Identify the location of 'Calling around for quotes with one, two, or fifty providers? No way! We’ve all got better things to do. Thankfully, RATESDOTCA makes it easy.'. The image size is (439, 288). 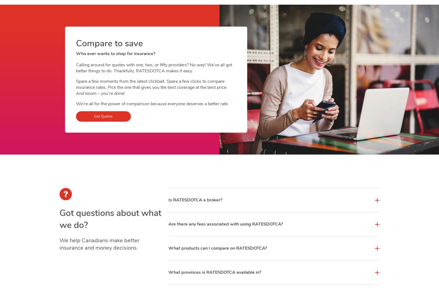
(153, 68).